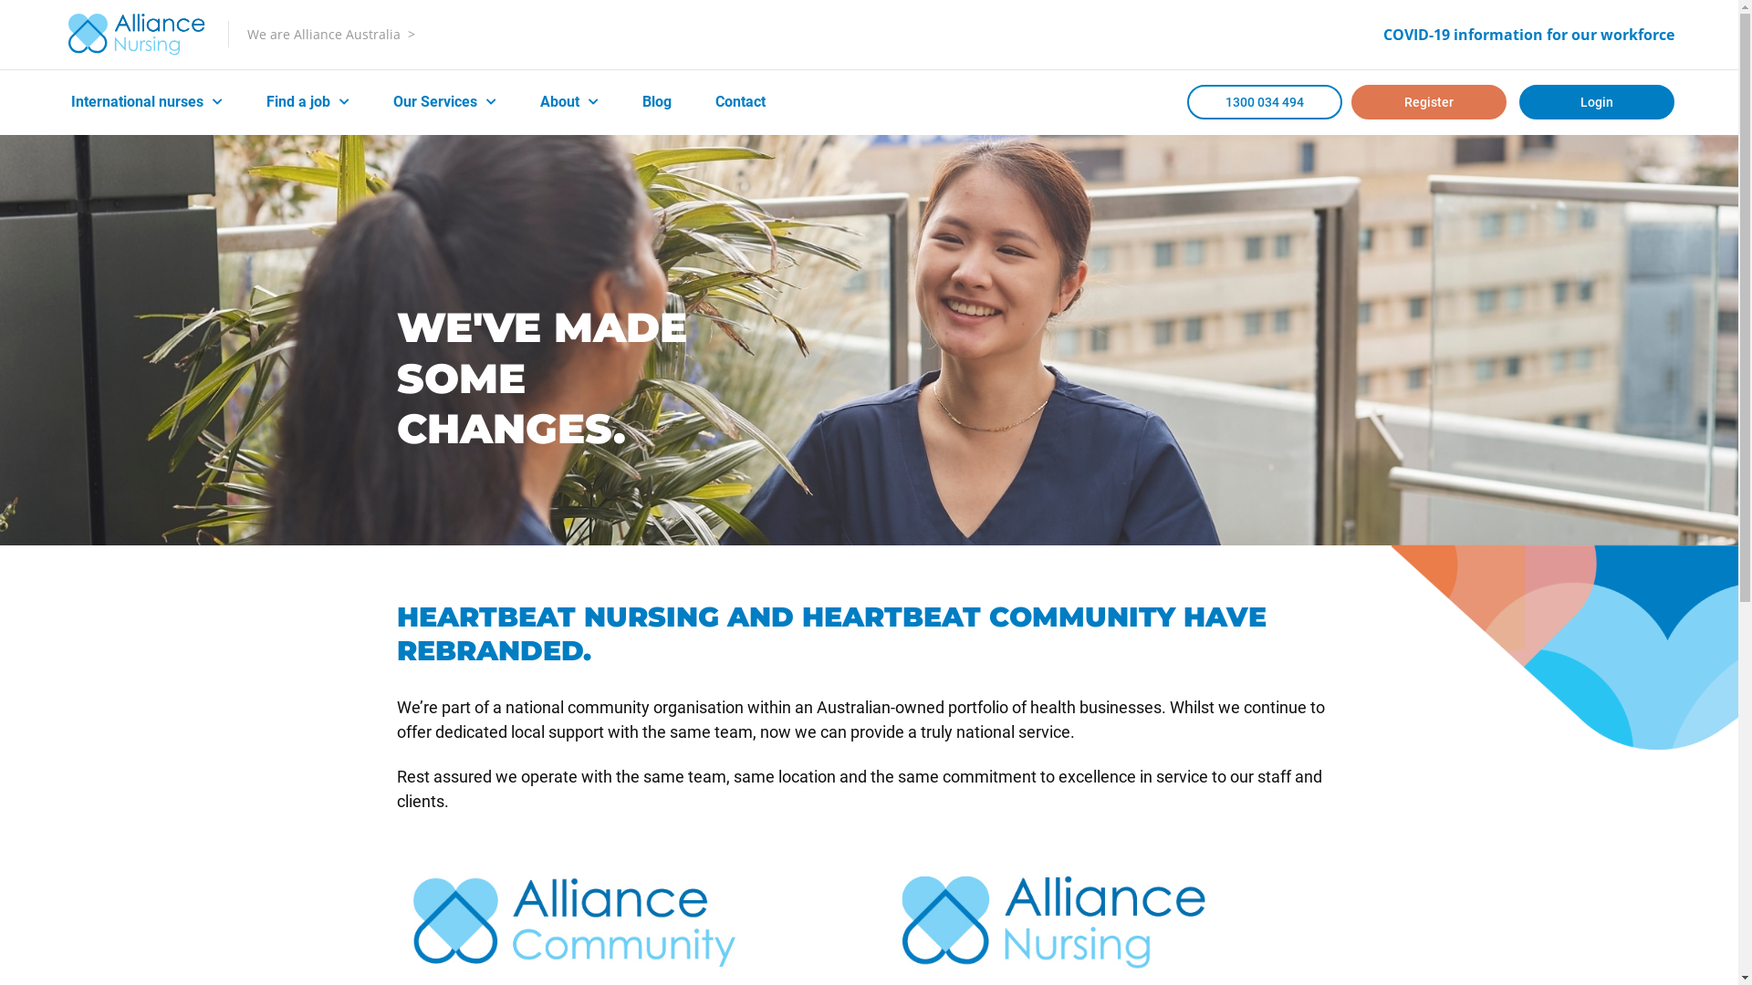 The width and height of the screenshot is (1752, 985). What do you see at coordinates (568, 101) in the screenshot?
I see `'About'` at bounding box center [568, 101].